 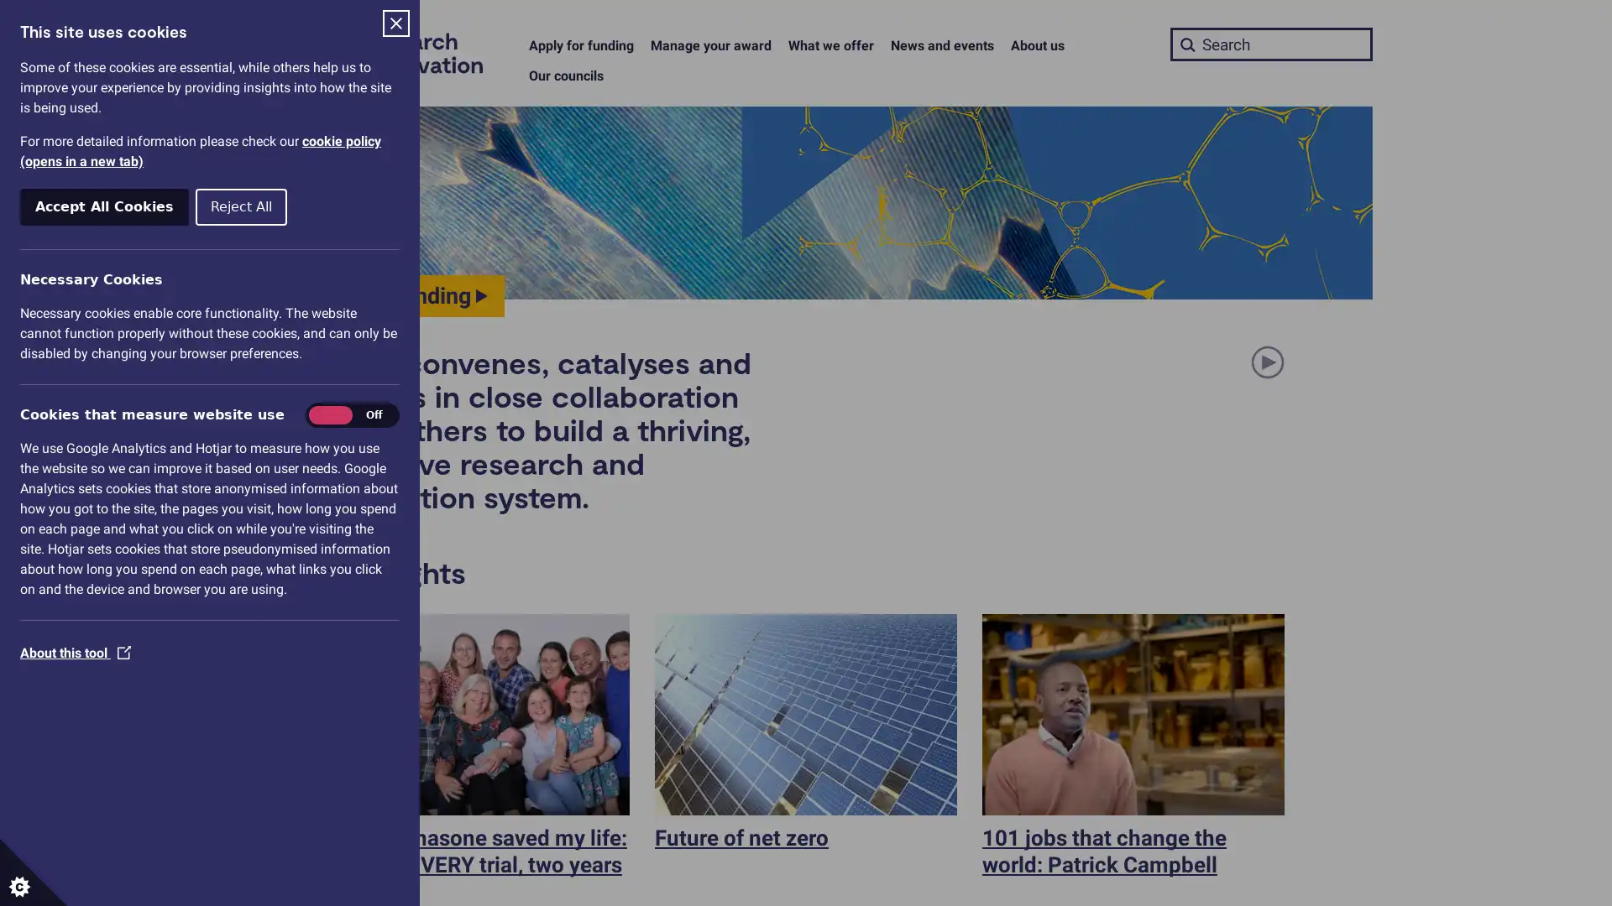 I want to click on Pause or play animation, so click(x=1268, y=362).